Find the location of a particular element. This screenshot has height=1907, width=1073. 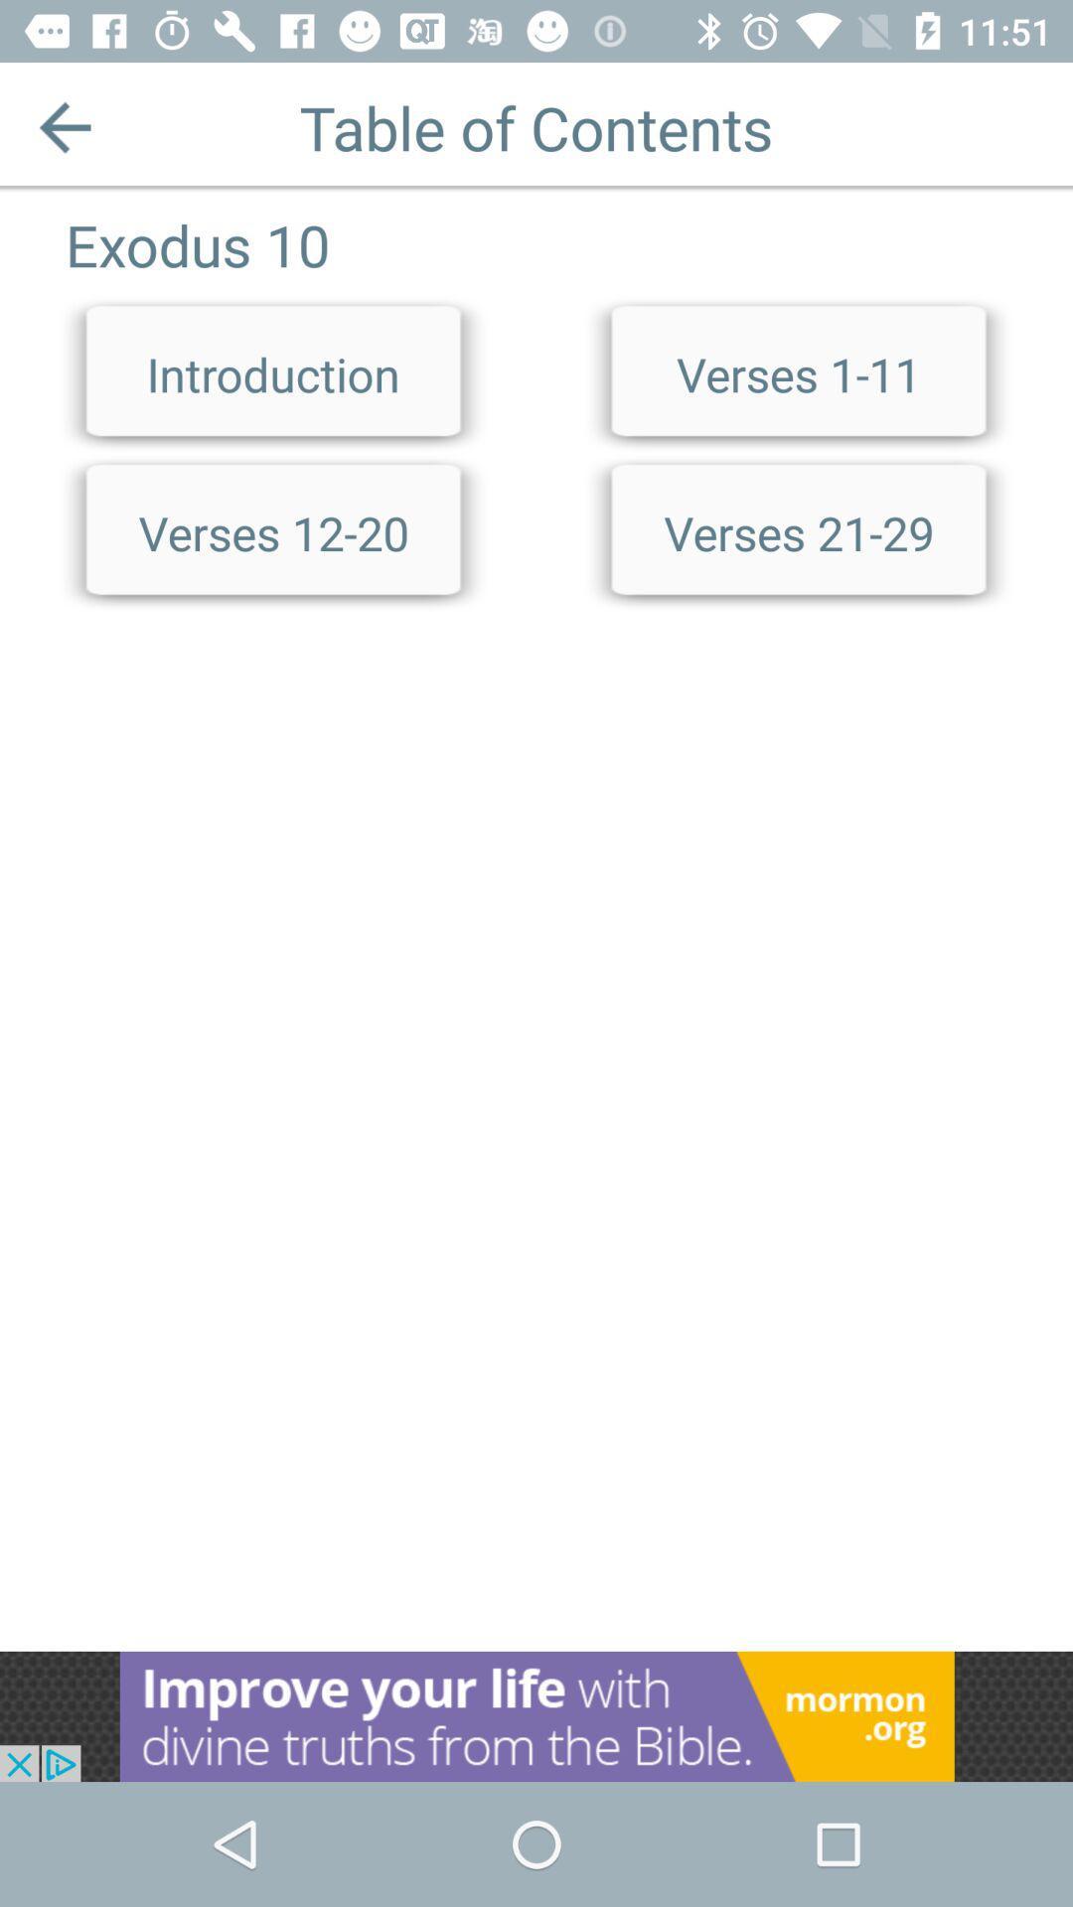

the arrow_backward icon is located at coordinates (64, 126).